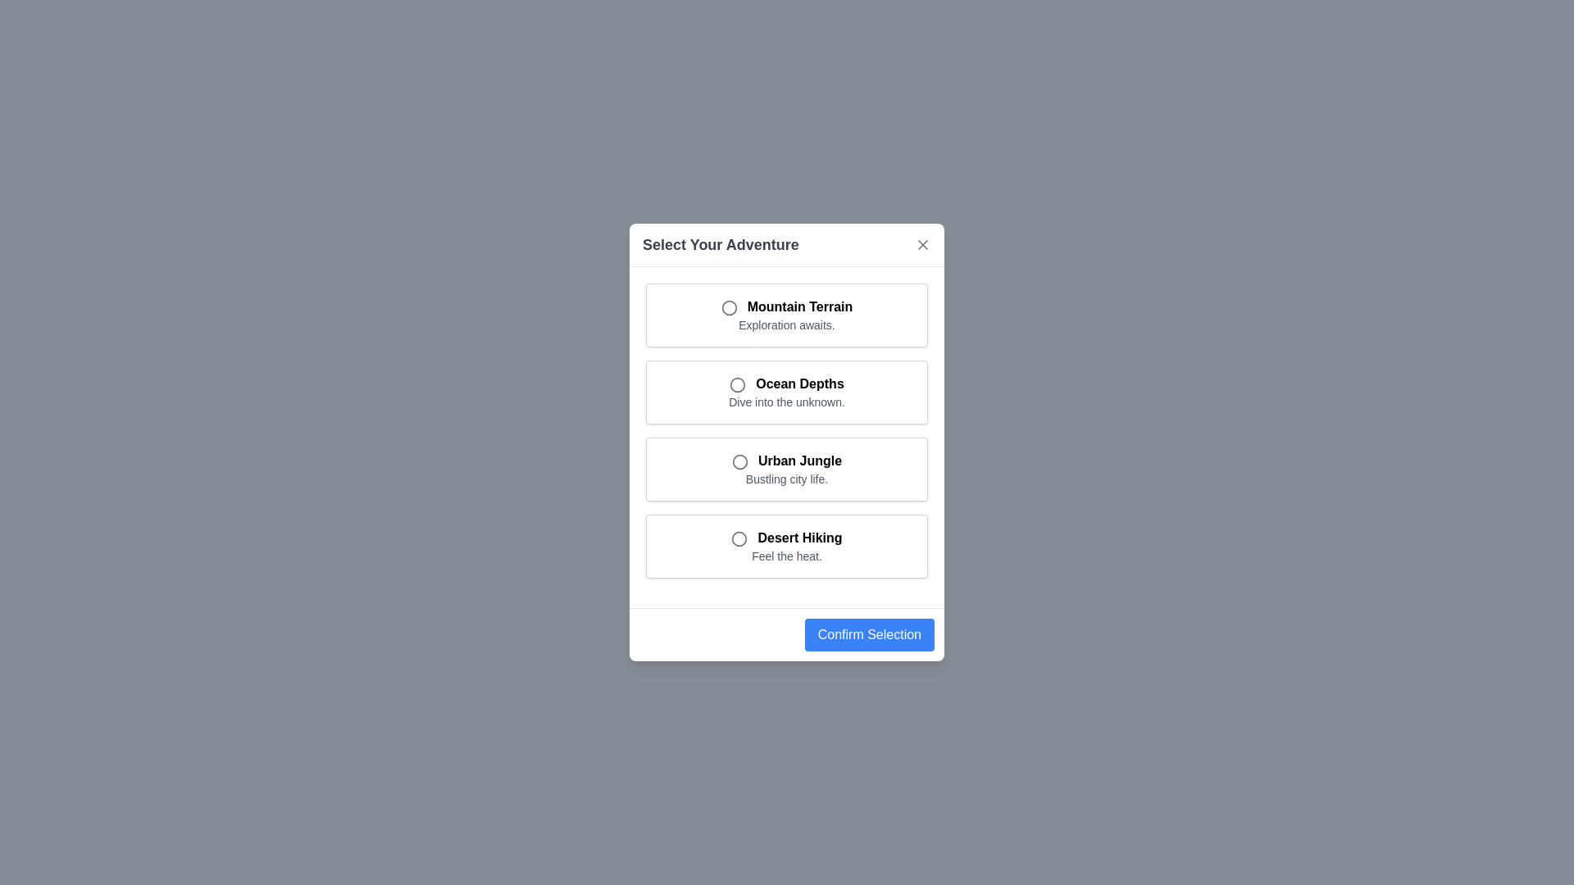  Describe the element at coordinates (787, 470) in the screenshot. I see `the adventure option Urban Jungle` at that location.